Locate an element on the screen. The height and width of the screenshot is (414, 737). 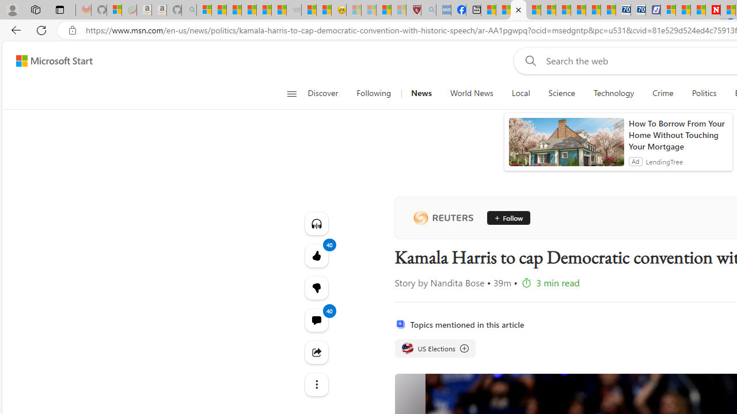
'40' is located at coordinates (316, 287).